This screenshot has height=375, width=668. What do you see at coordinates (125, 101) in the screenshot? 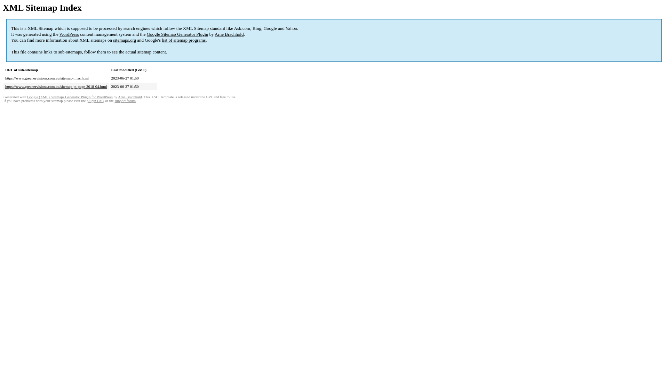
I see `'support forum'` at bounding box center [125, 101].